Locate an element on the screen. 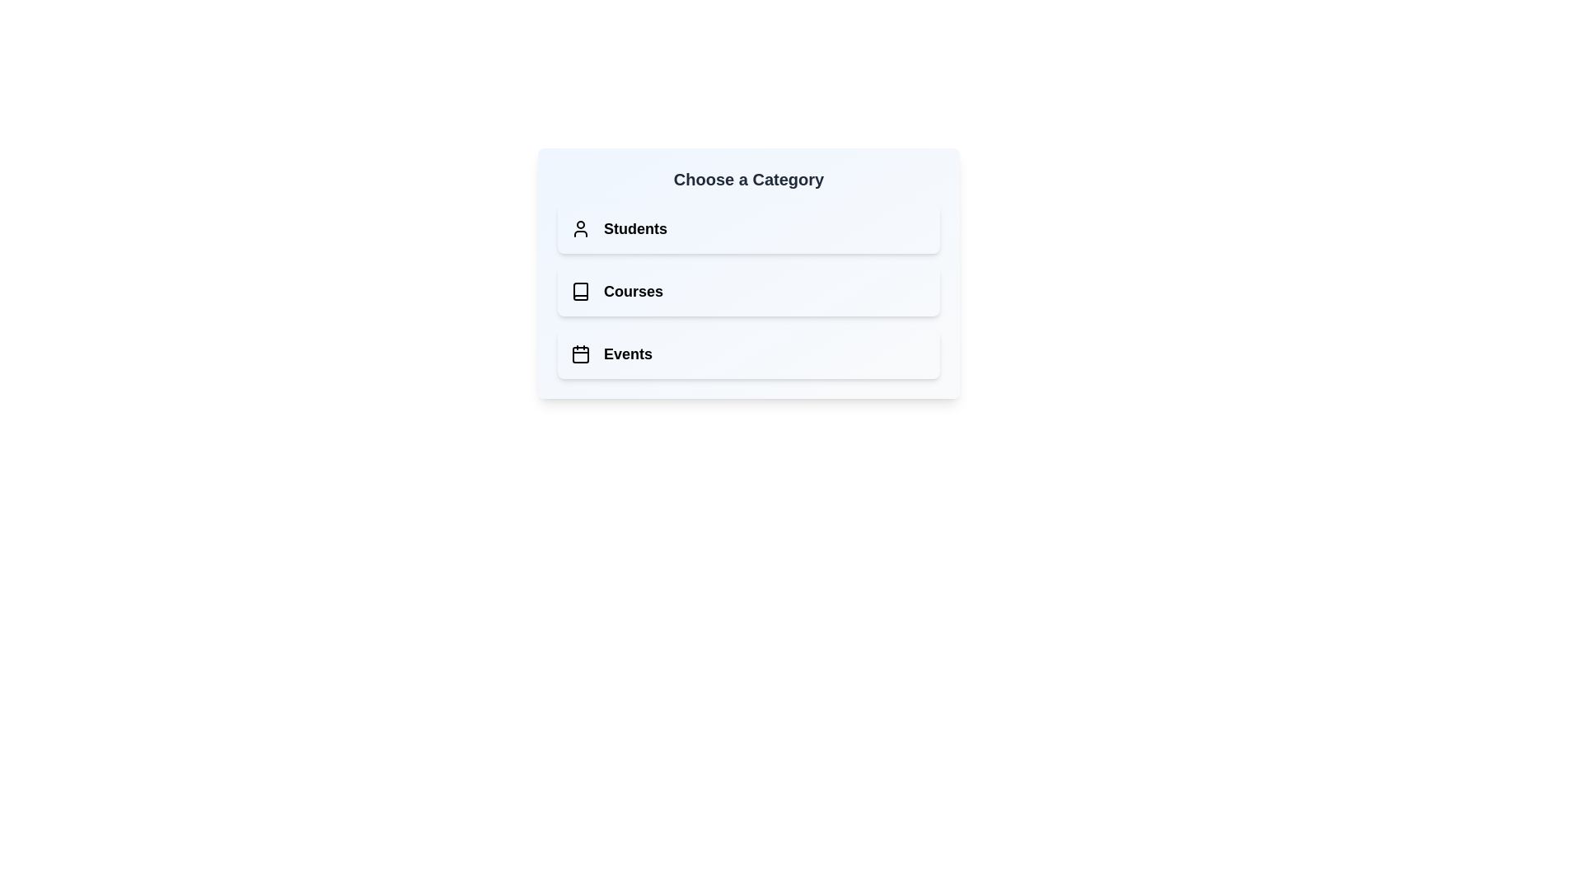 The height and width of the screenshot is (890, 1582). the category card corresponding to Students is located at coordinates (747, 228).